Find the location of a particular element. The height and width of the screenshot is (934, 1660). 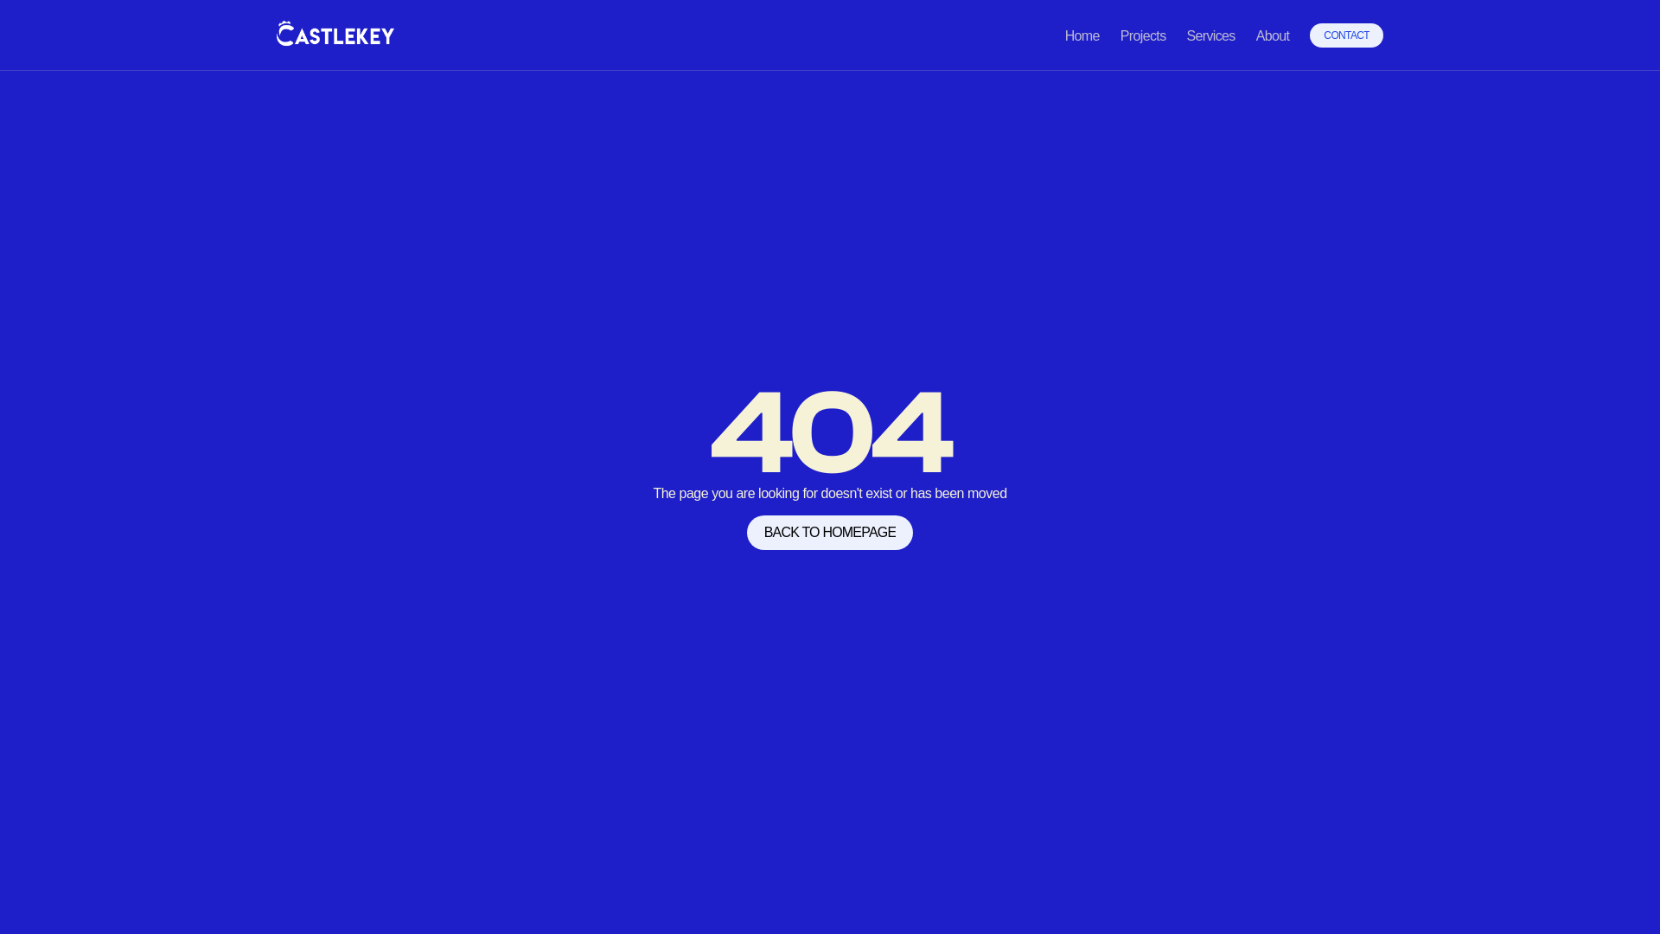

'Services' is located at coordinates (1210, 35).